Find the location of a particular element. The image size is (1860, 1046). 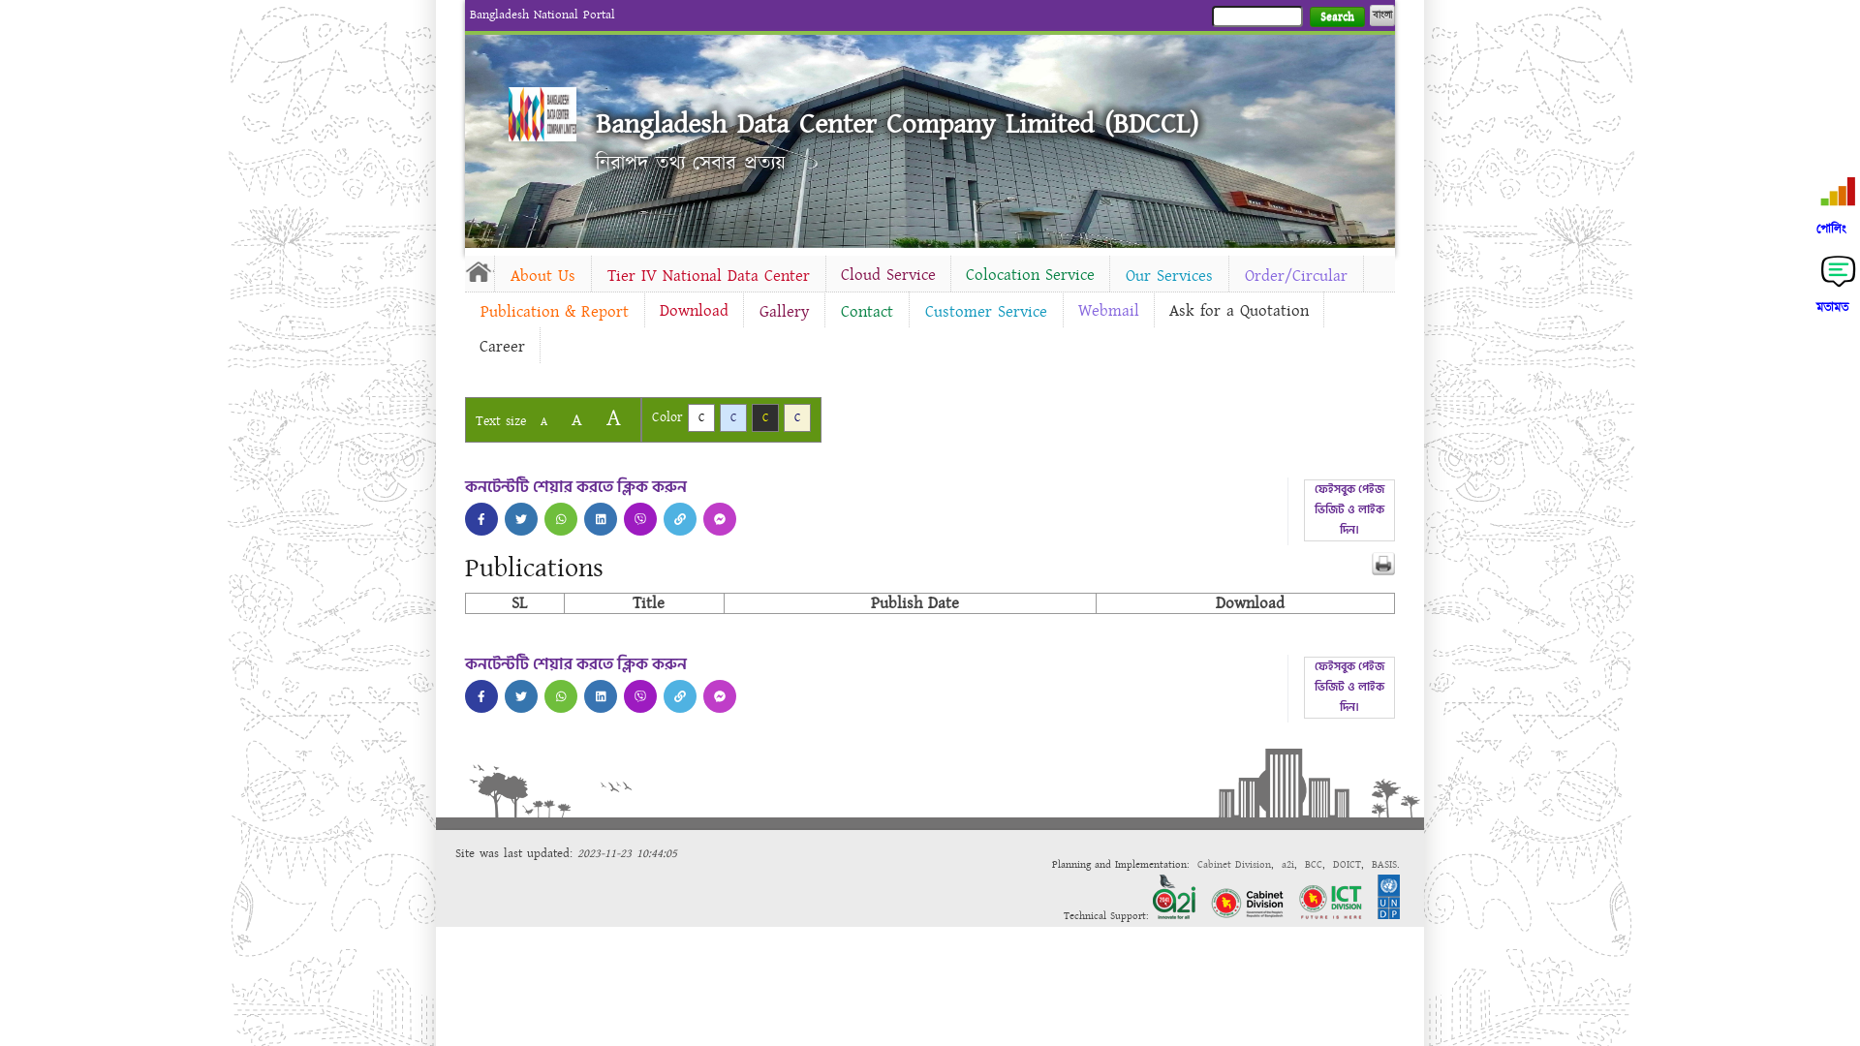

'A' is located at coordinates (612, 416).